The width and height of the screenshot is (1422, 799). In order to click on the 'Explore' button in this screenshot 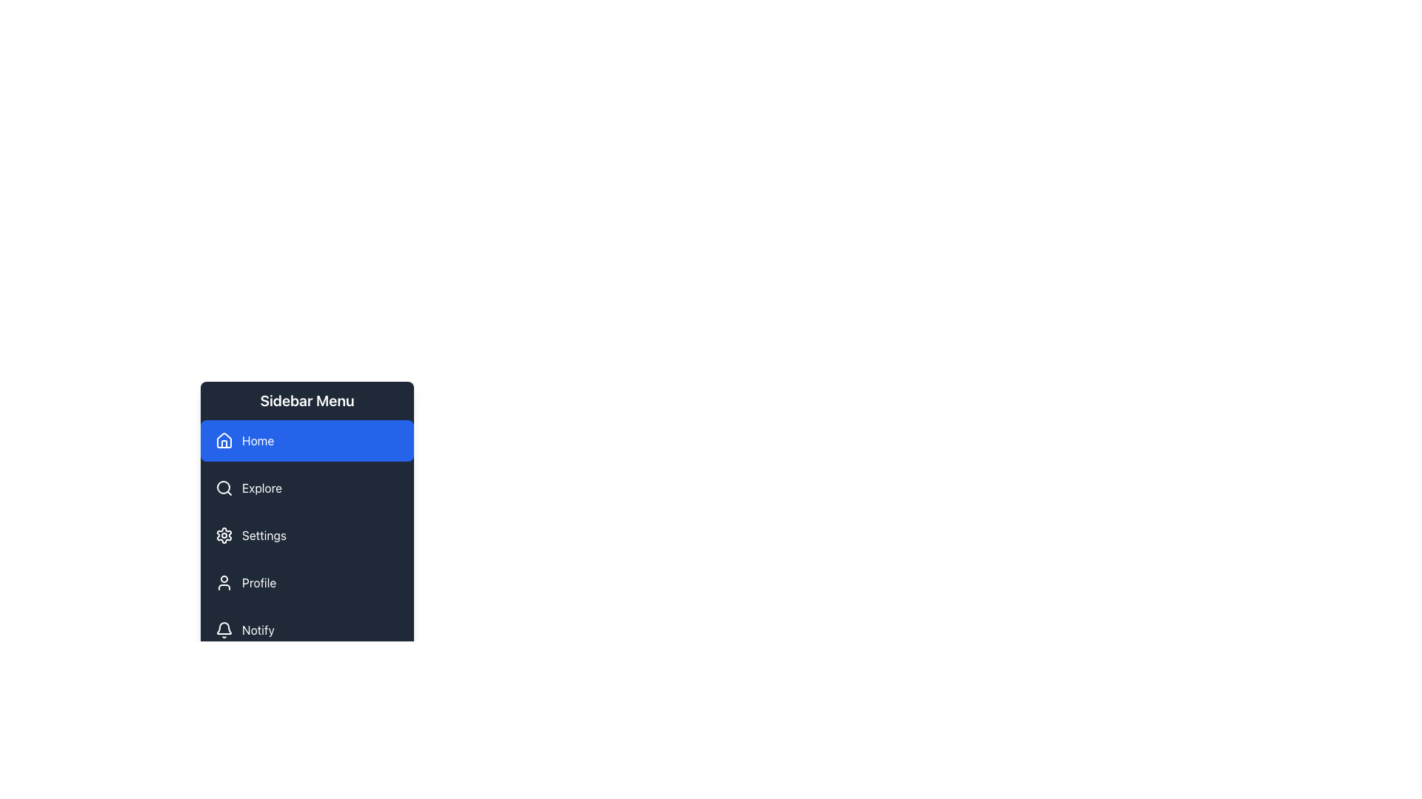, I will do `click(306, 488)`.